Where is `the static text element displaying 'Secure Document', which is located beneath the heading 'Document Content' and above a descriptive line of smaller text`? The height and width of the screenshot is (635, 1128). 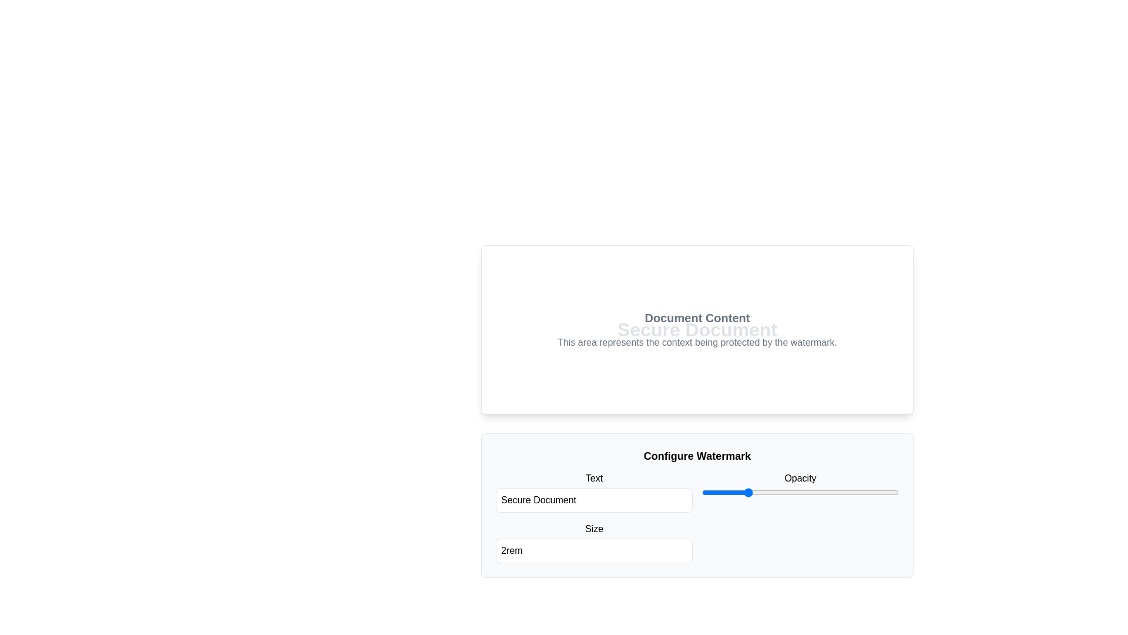
the static text element displaying 'Secure Document', which is located beneath the heading 'Document Content' and above a descriptive line of smaller text is located at coordinates (697, 329).